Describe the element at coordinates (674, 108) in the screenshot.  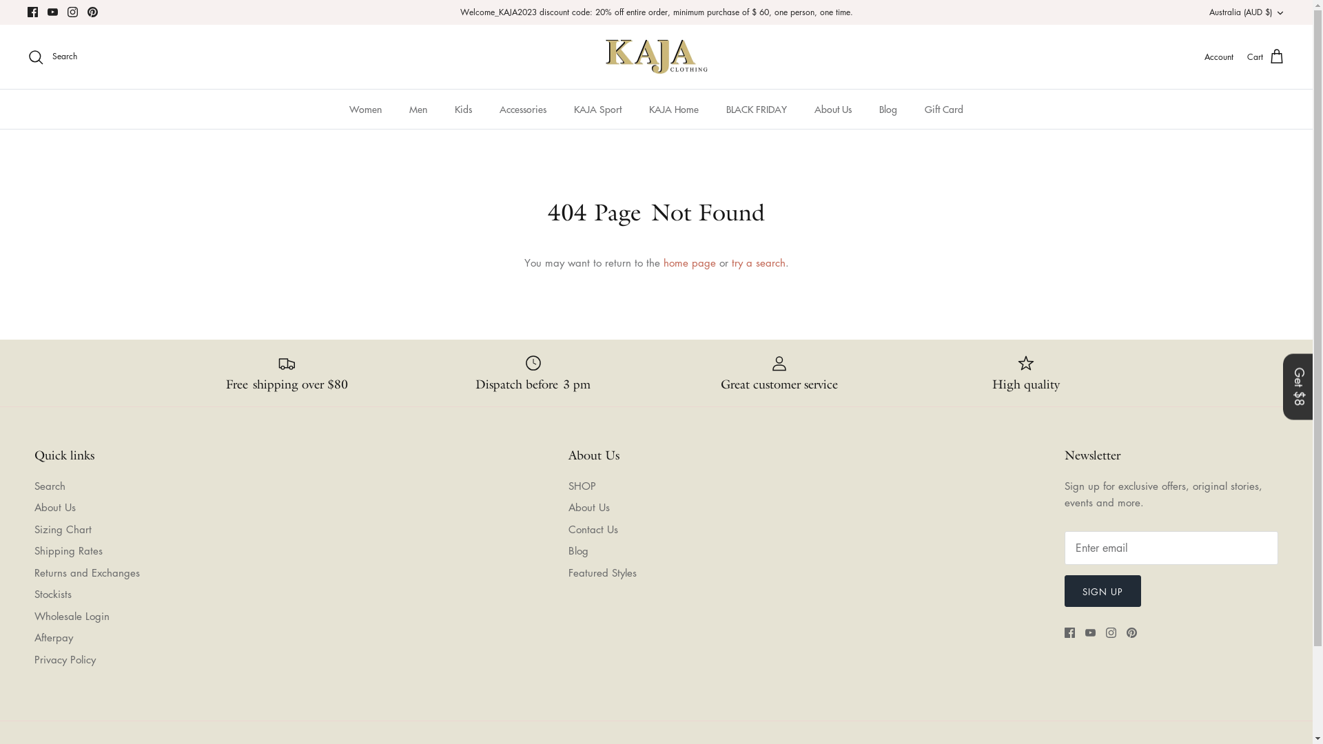
I see `'KAJA Home'` at that location.